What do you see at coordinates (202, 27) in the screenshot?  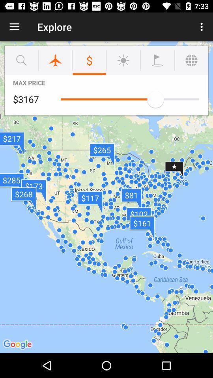 I see `item next to explore` at bounding box center [202, 27].